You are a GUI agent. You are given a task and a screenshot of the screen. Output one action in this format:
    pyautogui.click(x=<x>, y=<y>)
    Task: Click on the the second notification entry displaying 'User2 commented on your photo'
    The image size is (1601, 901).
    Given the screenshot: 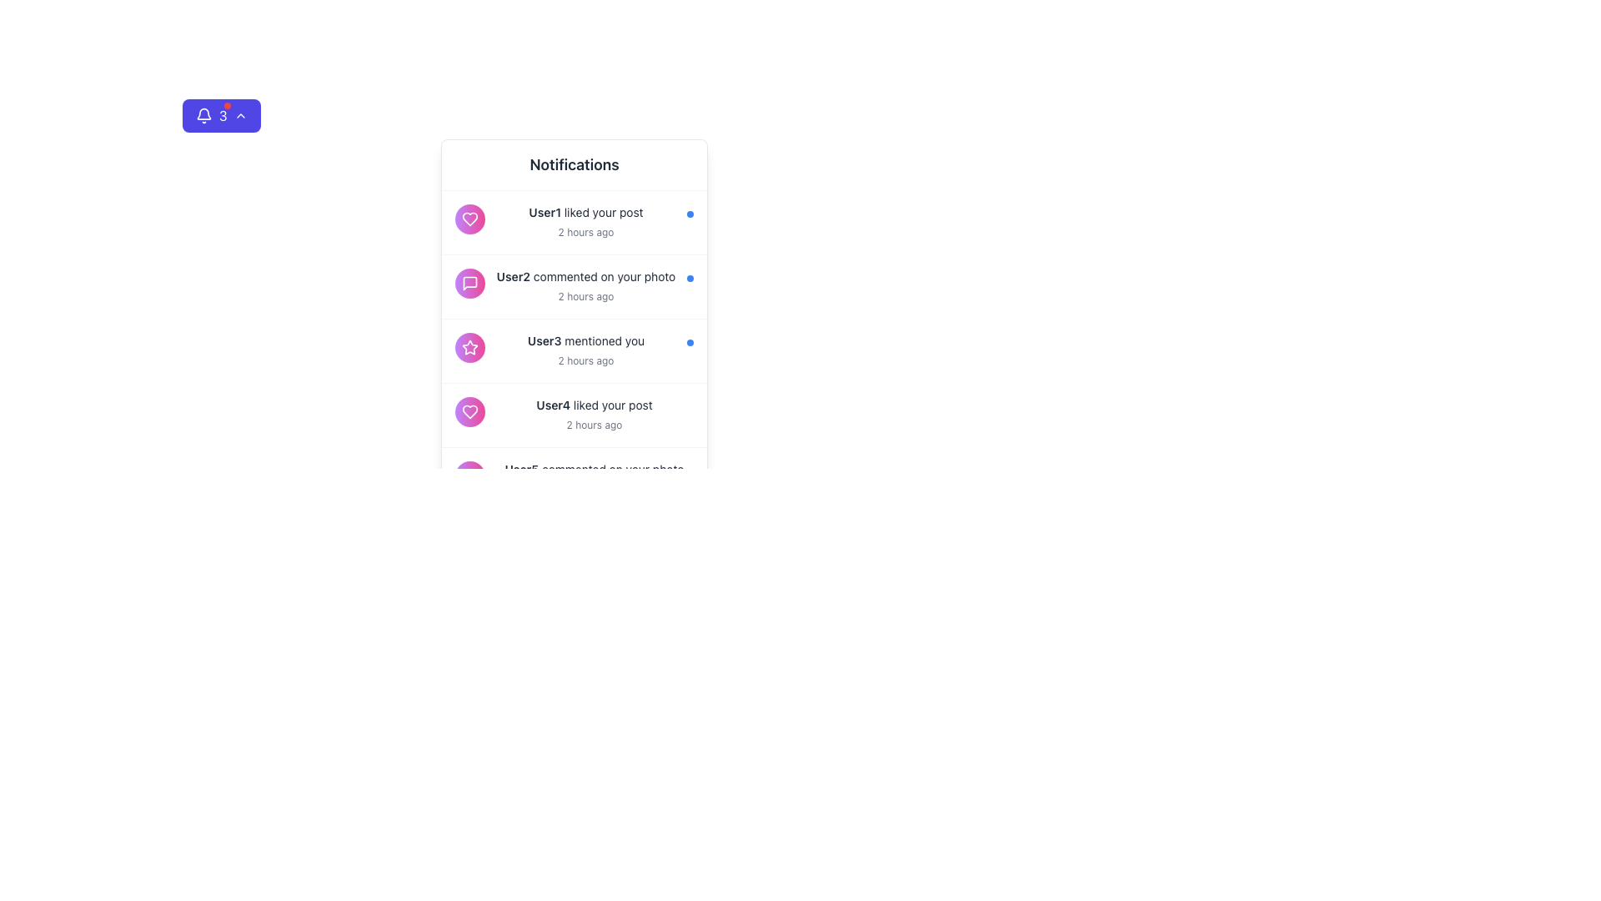 What is the action you would take?
    pyautogui.click(x=585, y=285)
    